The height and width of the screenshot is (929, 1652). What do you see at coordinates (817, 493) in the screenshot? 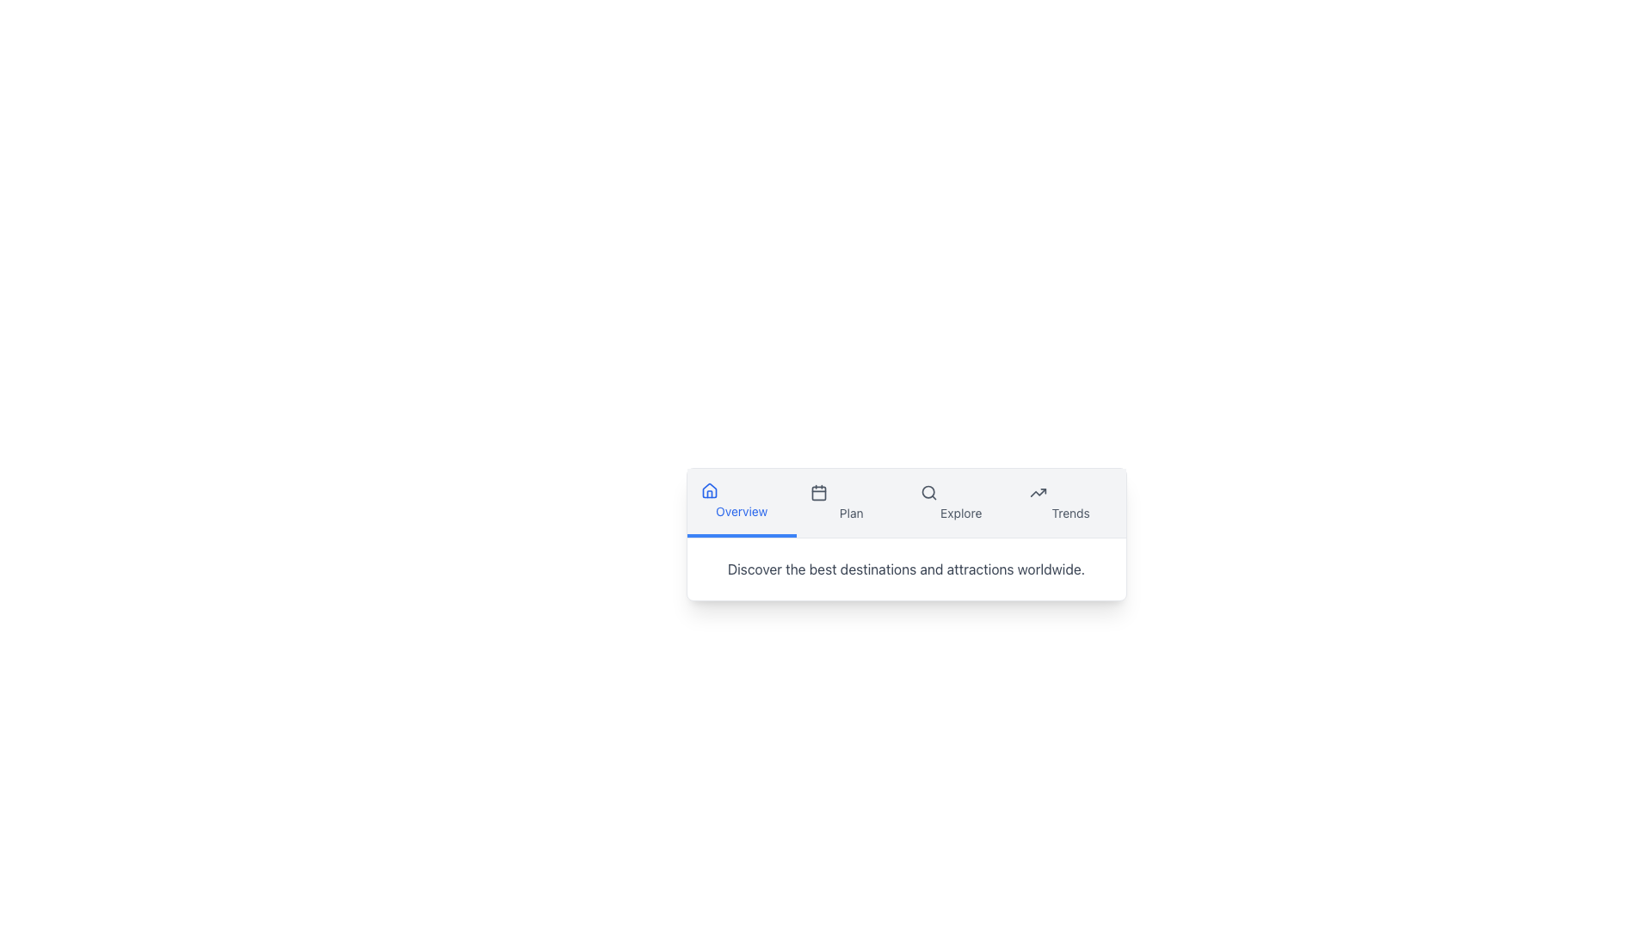
I see `the calendar icon located in the second segment of the horizontal navigation menu` at bounding box center [817, 493].